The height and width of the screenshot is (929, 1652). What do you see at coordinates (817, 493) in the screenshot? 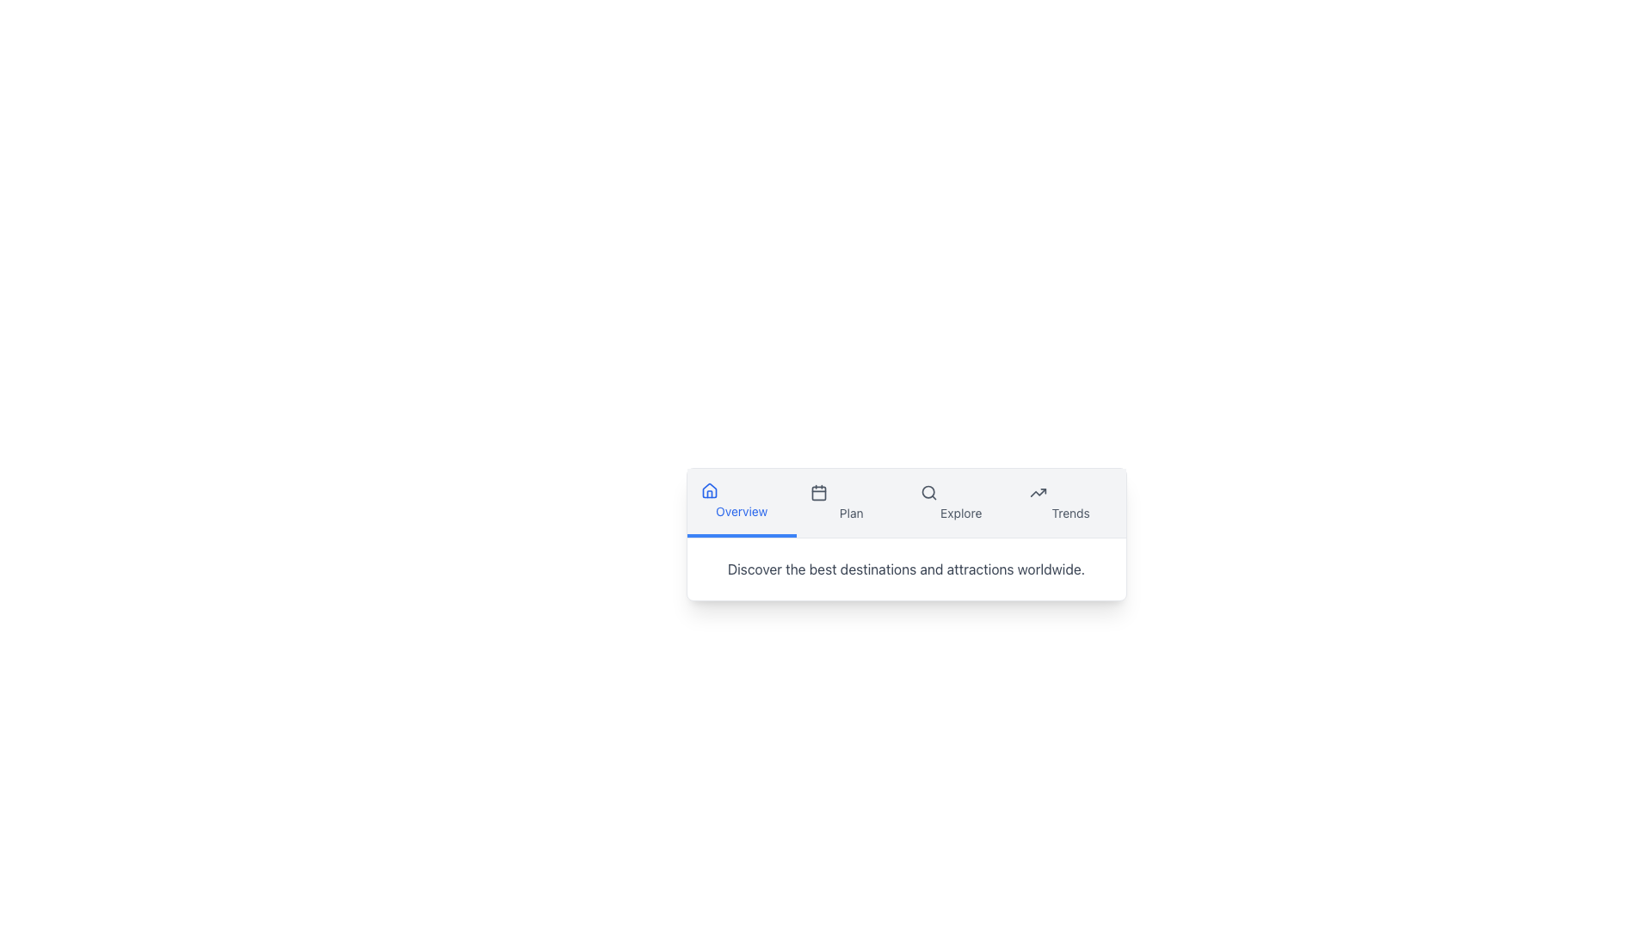
I see `the calendar icon located in the second segment of the horizontal navigation menu` at bounding box center [817, 493].